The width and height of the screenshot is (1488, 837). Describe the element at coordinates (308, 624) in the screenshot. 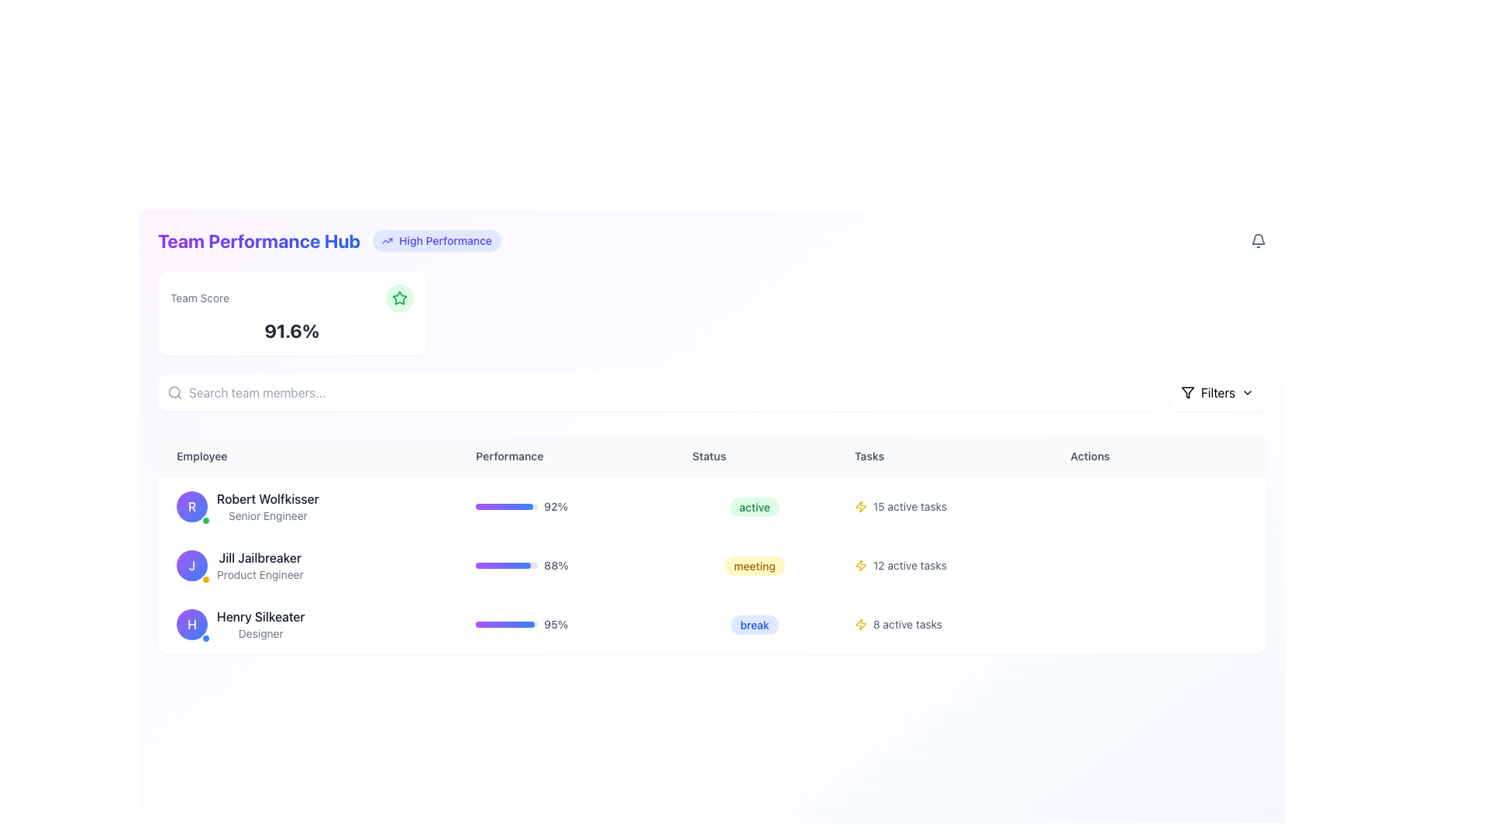

I see `the name 'Henry Silkeater' in the Composite profile display` at that location.